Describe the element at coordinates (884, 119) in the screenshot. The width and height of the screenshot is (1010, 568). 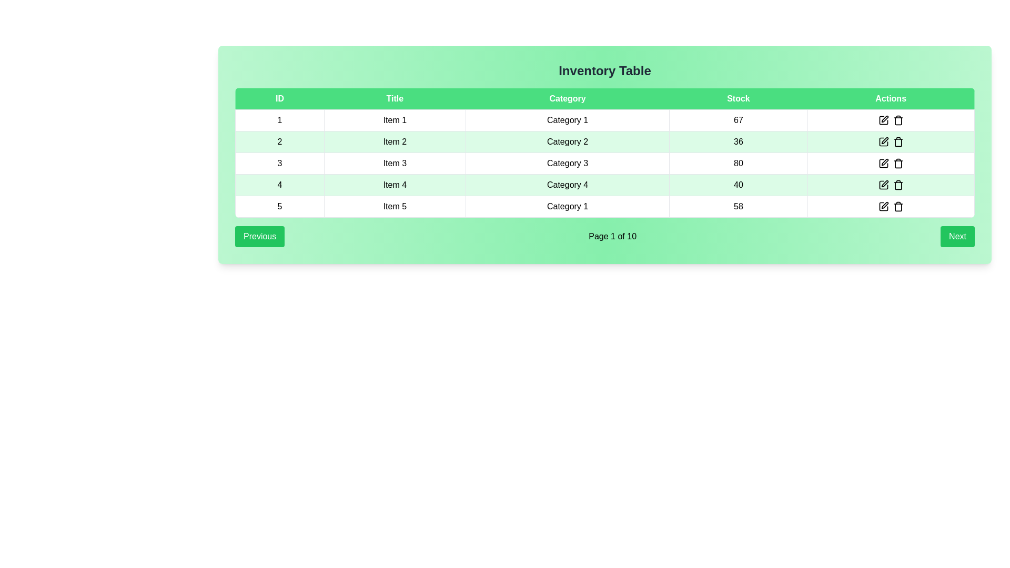
I see `the edit icon button, which resembles a pen, located in the 'Actions' column of the first row in the inventory table` at that location.